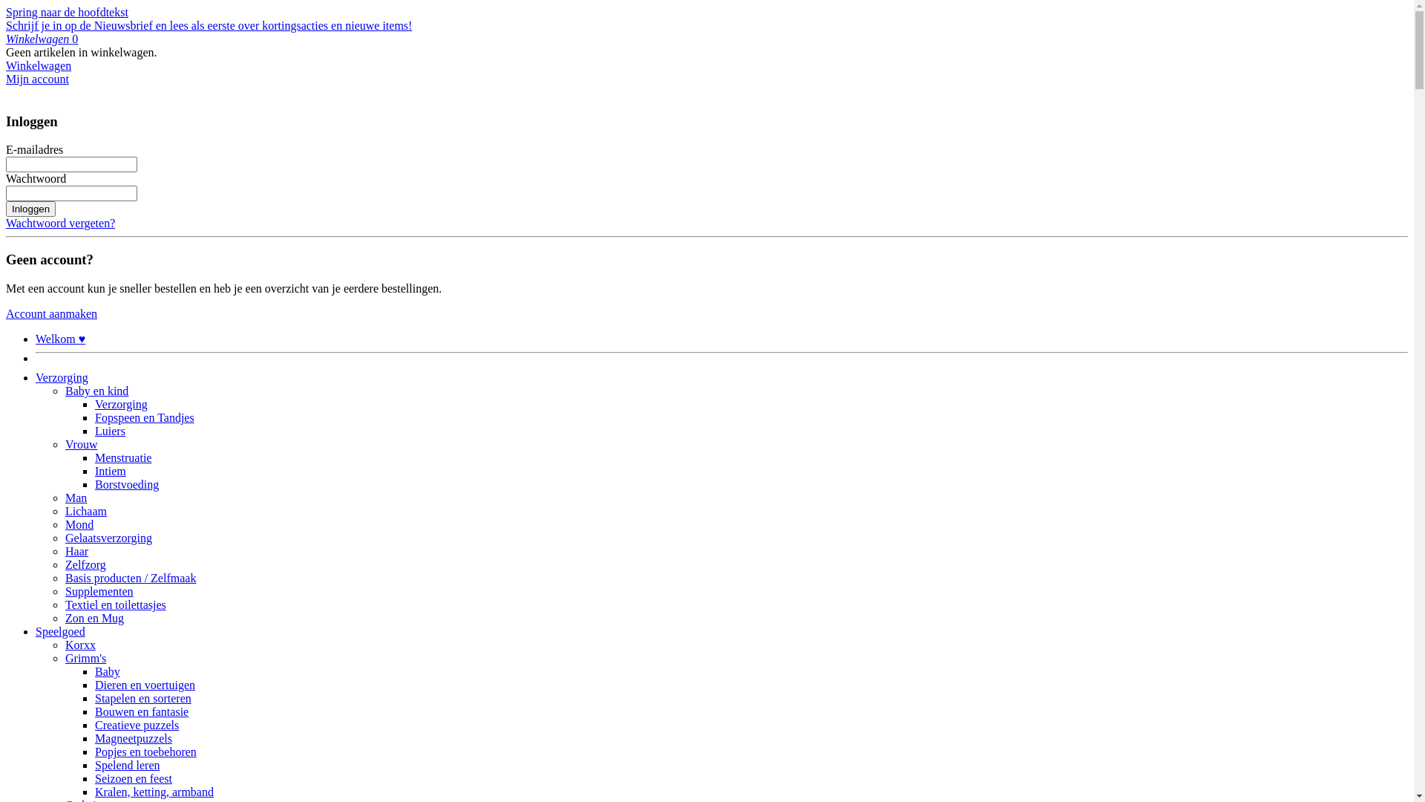  What do you see at coordinates (134, 738) in the screenshot?
I see `'Magneetpuzzels'` at bounding box center [134, 738].